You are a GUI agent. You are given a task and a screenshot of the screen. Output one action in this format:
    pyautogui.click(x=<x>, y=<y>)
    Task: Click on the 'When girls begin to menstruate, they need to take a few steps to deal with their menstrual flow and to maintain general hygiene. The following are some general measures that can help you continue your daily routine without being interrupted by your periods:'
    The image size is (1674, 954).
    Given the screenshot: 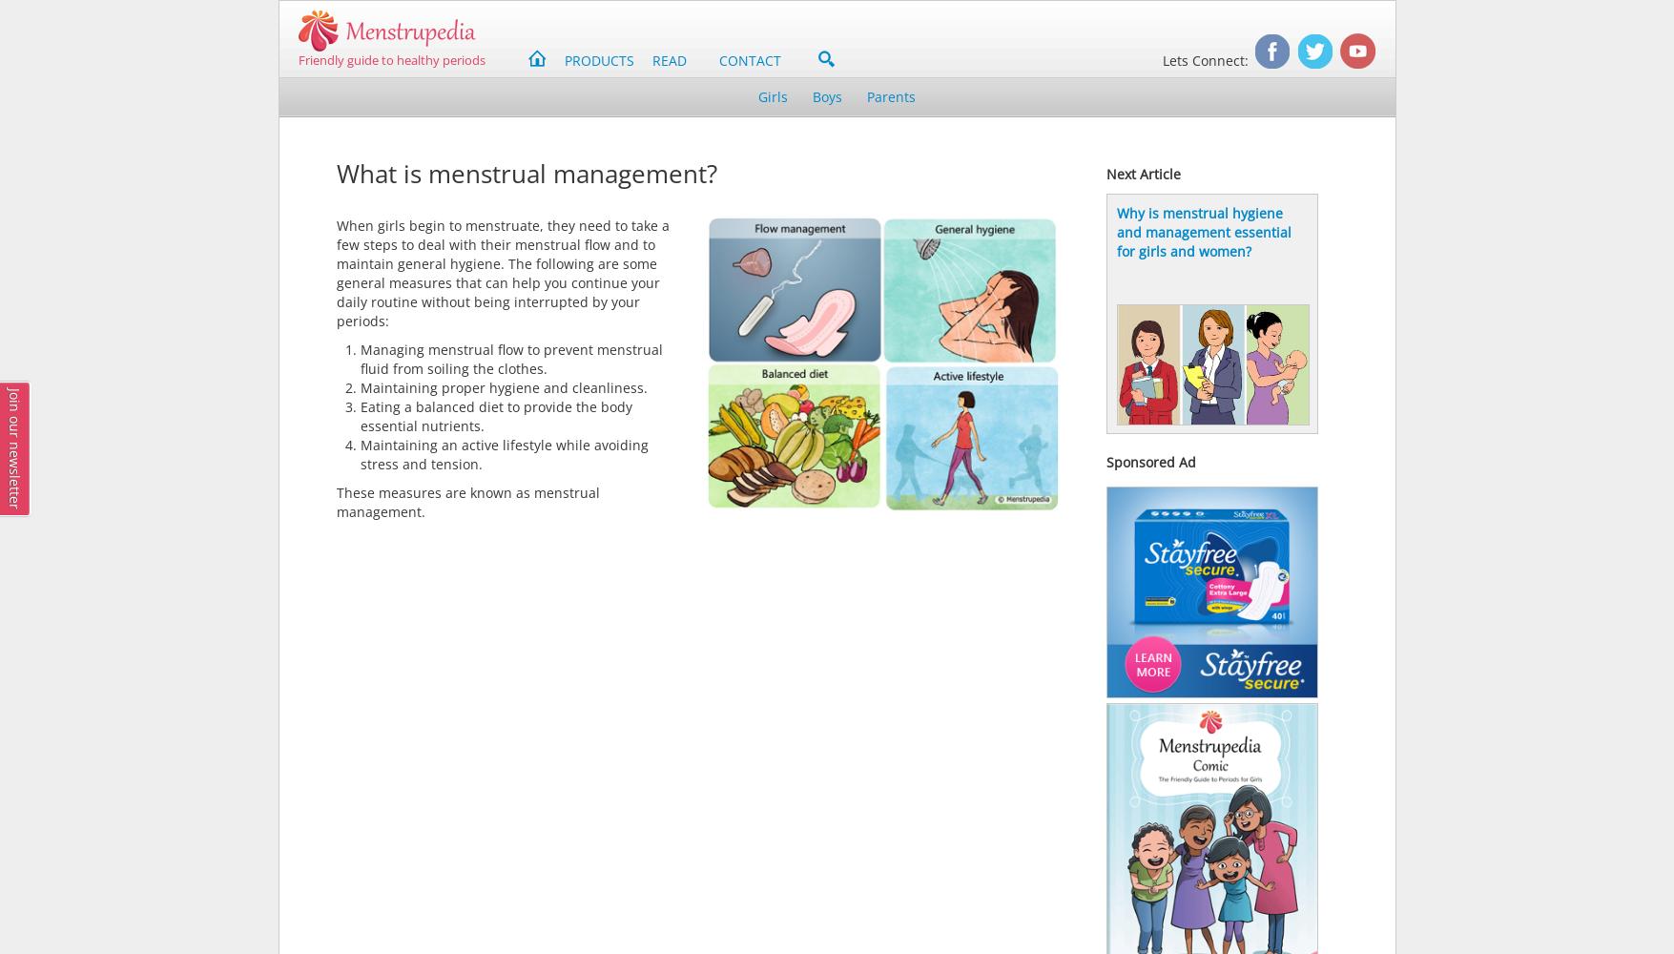 What is the action you would take?
    pyautogui.click(x=335, y=273)
    